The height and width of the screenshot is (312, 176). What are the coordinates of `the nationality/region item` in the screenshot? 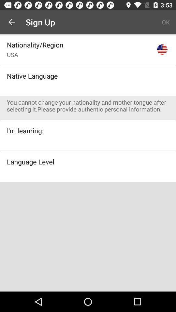 It's located at (35, 44).